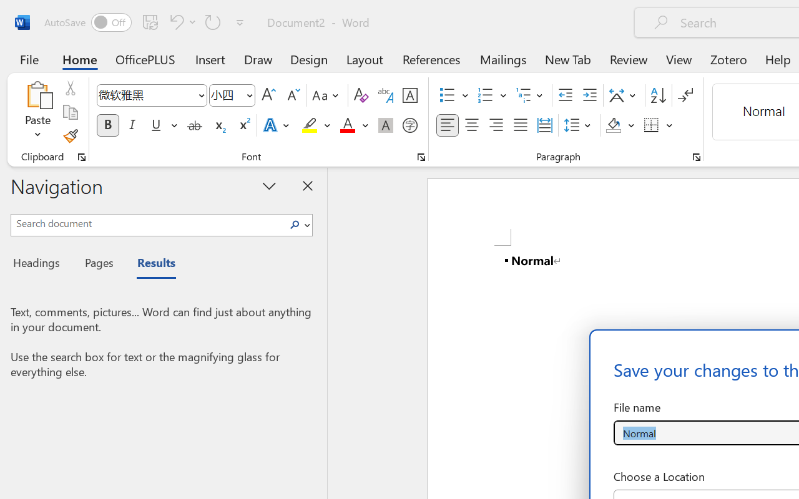 This screenshot has height=499, width=799. I want to click on 'Underline', so click(155, 125).